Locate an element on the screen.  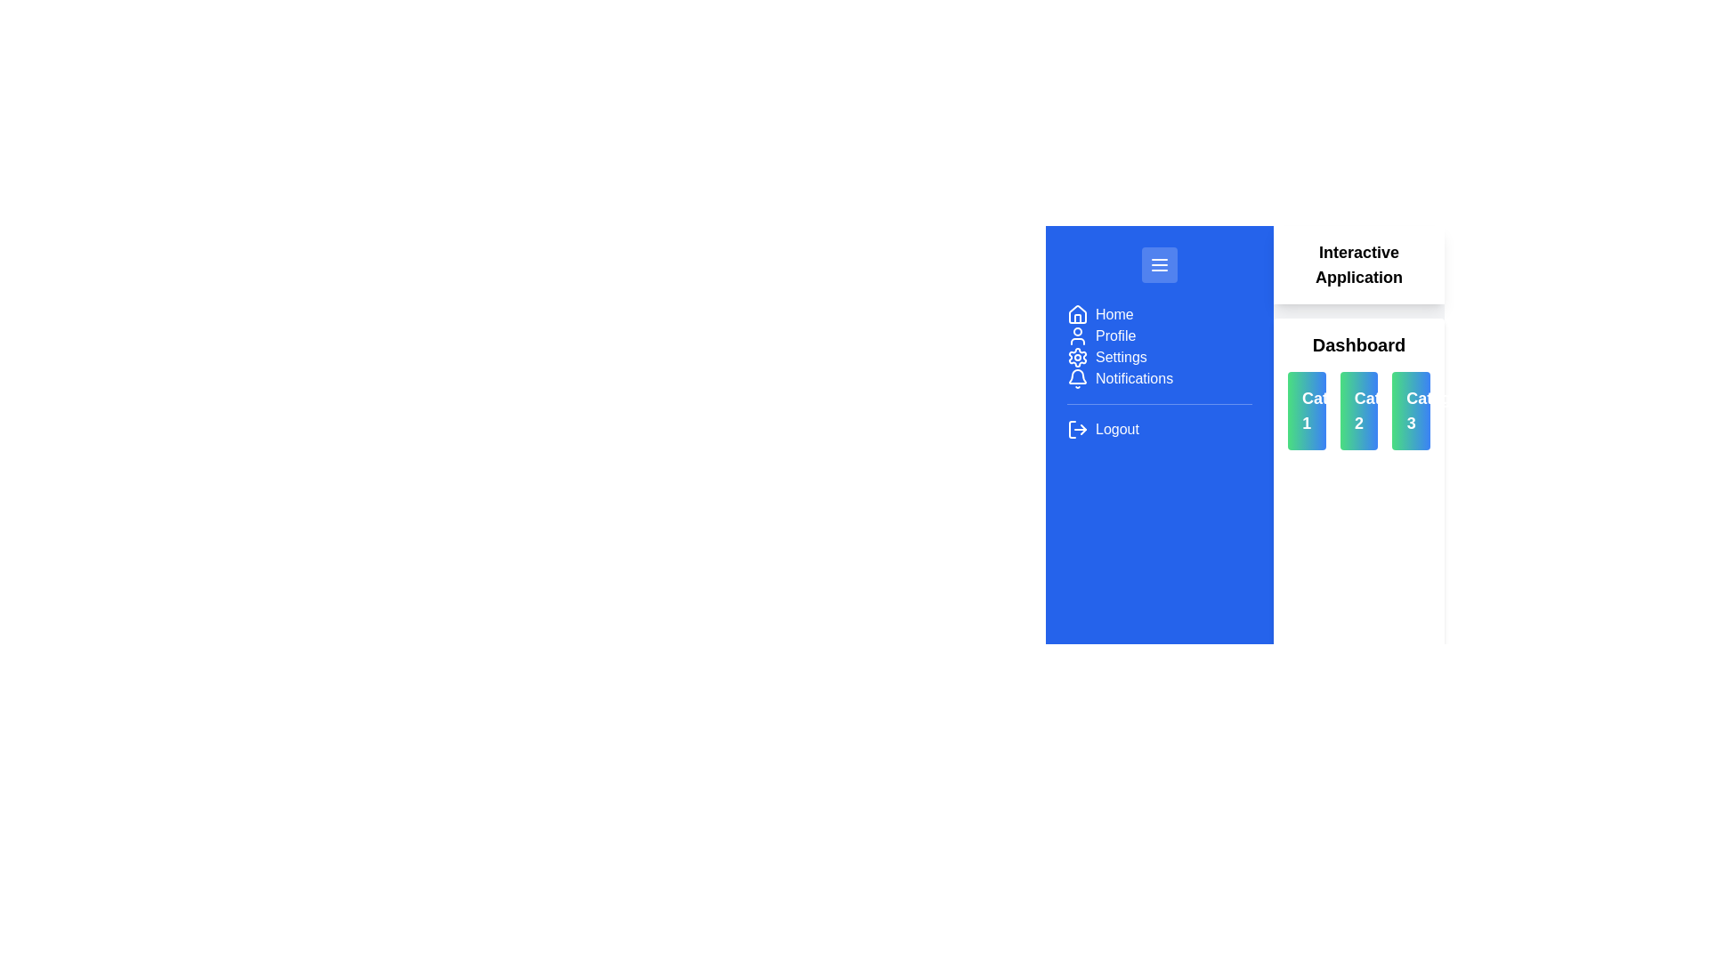
the visual representation of the house icon located at the top of the sidebar menu, which indicates the Home or Dashboard option is located at coordinates (1076, 313).